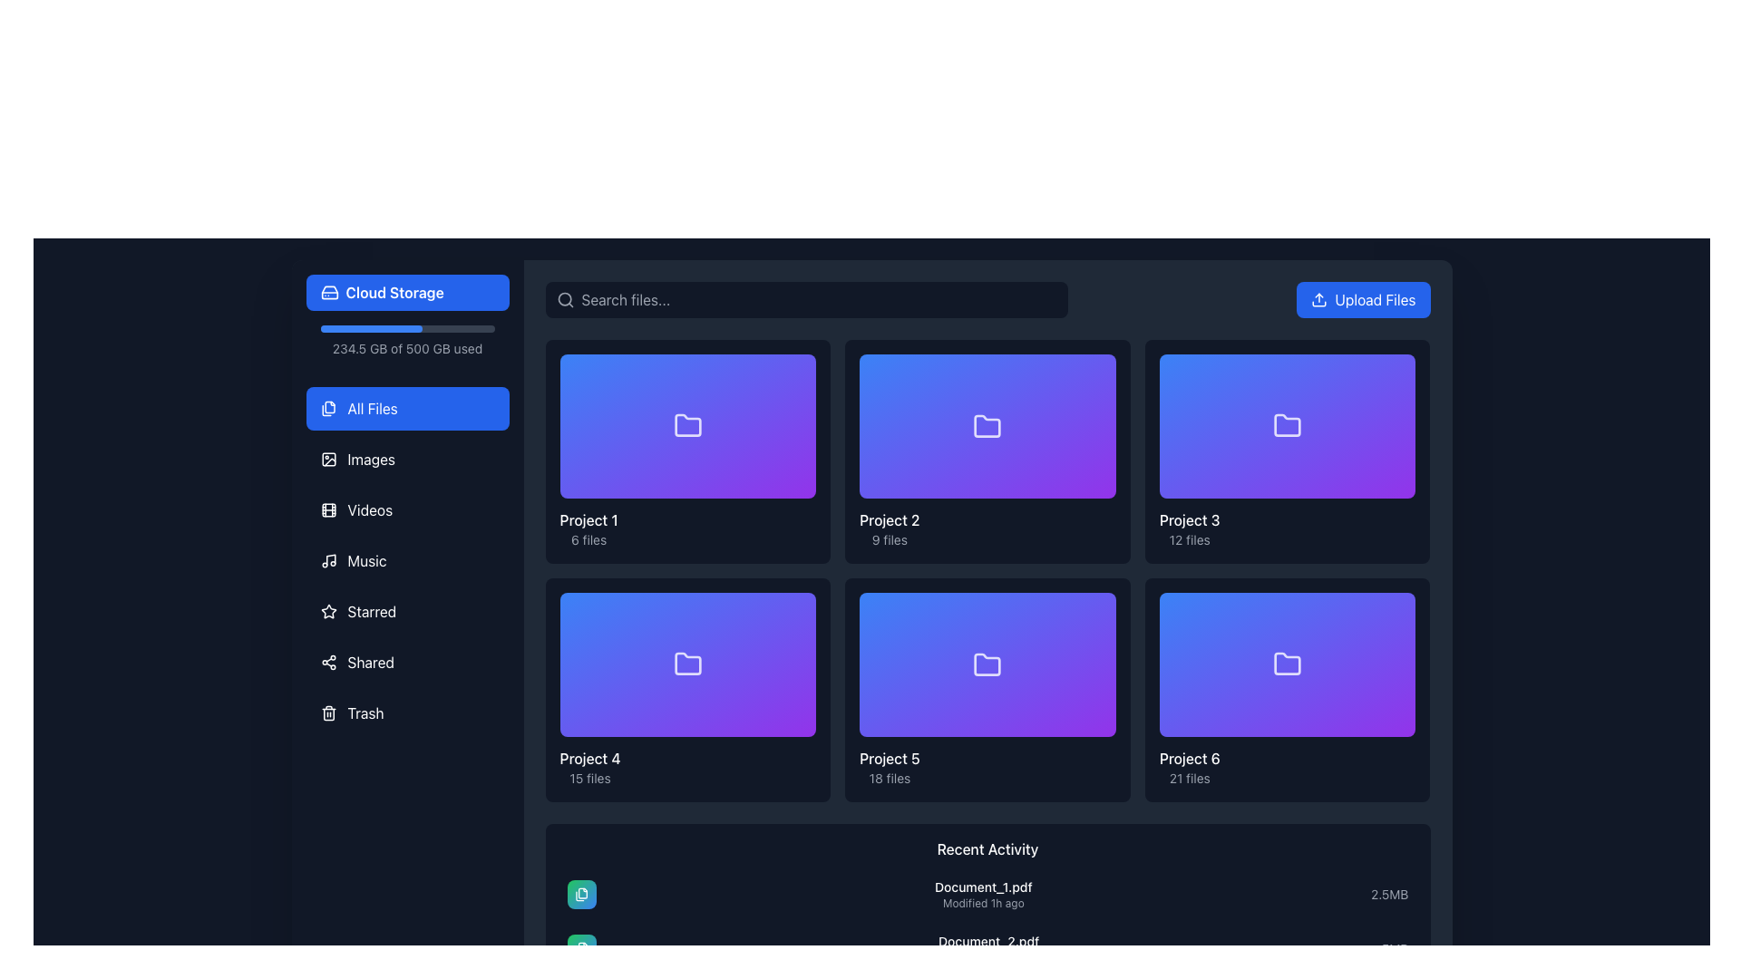 This screenshot has width=1741, height=979. Describe the element at coordinates (686, 690) in the screenshot. I see `the 'Project 4' card` at that location.